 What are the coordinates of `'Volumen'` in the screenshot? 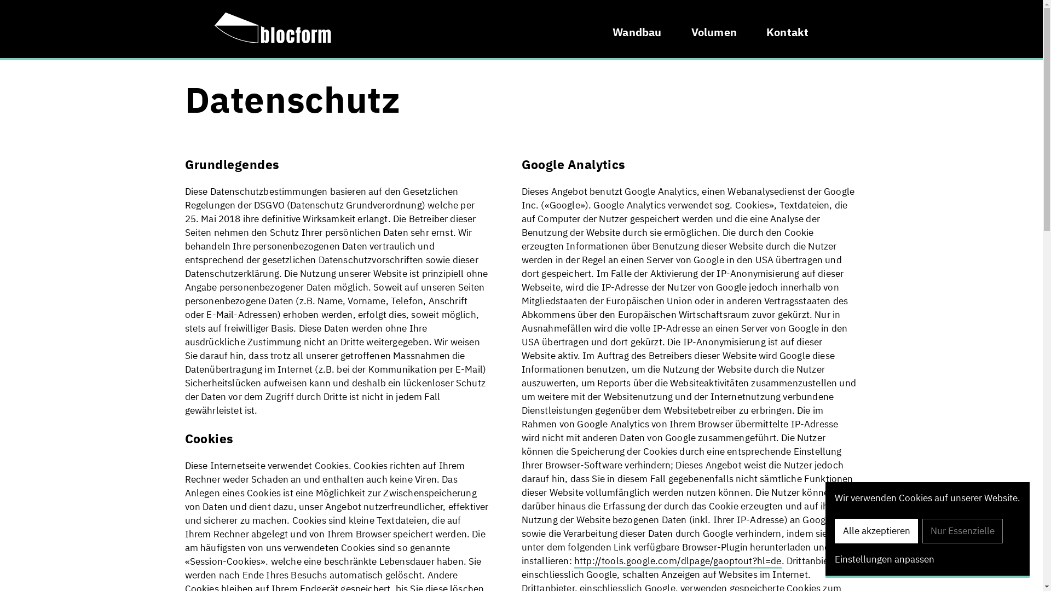 It's located at (714, 30).